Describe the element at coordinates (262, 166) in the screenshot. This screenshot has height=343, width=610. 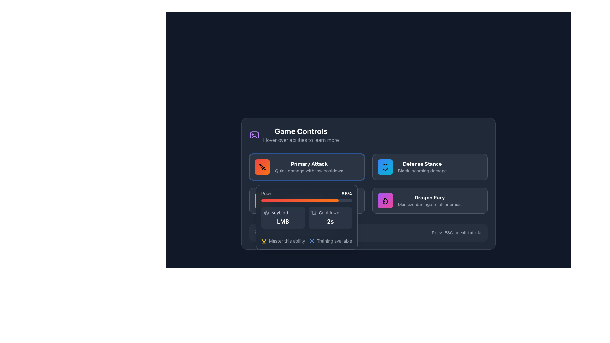
I see `the 'Primary Attack' button` at that location.